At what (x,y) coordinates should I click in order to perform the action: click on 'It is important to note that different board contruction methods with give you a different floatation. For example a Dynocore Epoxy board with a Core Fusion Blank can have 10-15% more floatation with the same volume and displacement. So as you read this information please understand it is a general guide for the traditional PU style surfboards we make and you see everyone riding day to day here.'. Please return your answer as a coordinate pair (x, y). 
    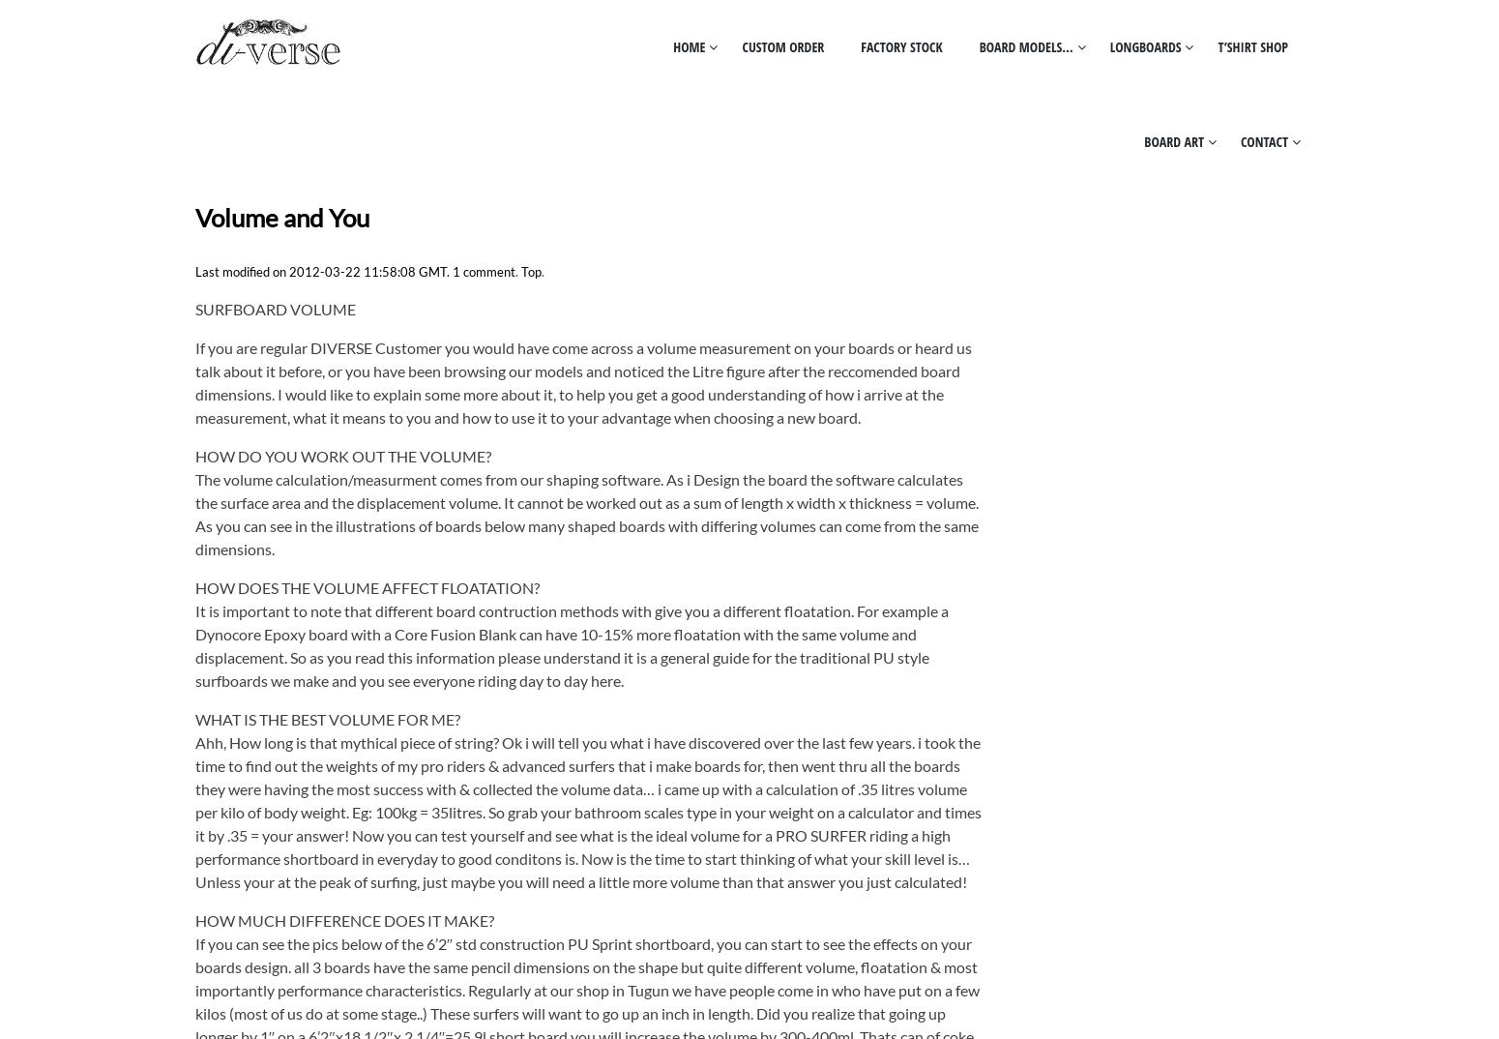
    Looking at the image, I should click on (571, 644).